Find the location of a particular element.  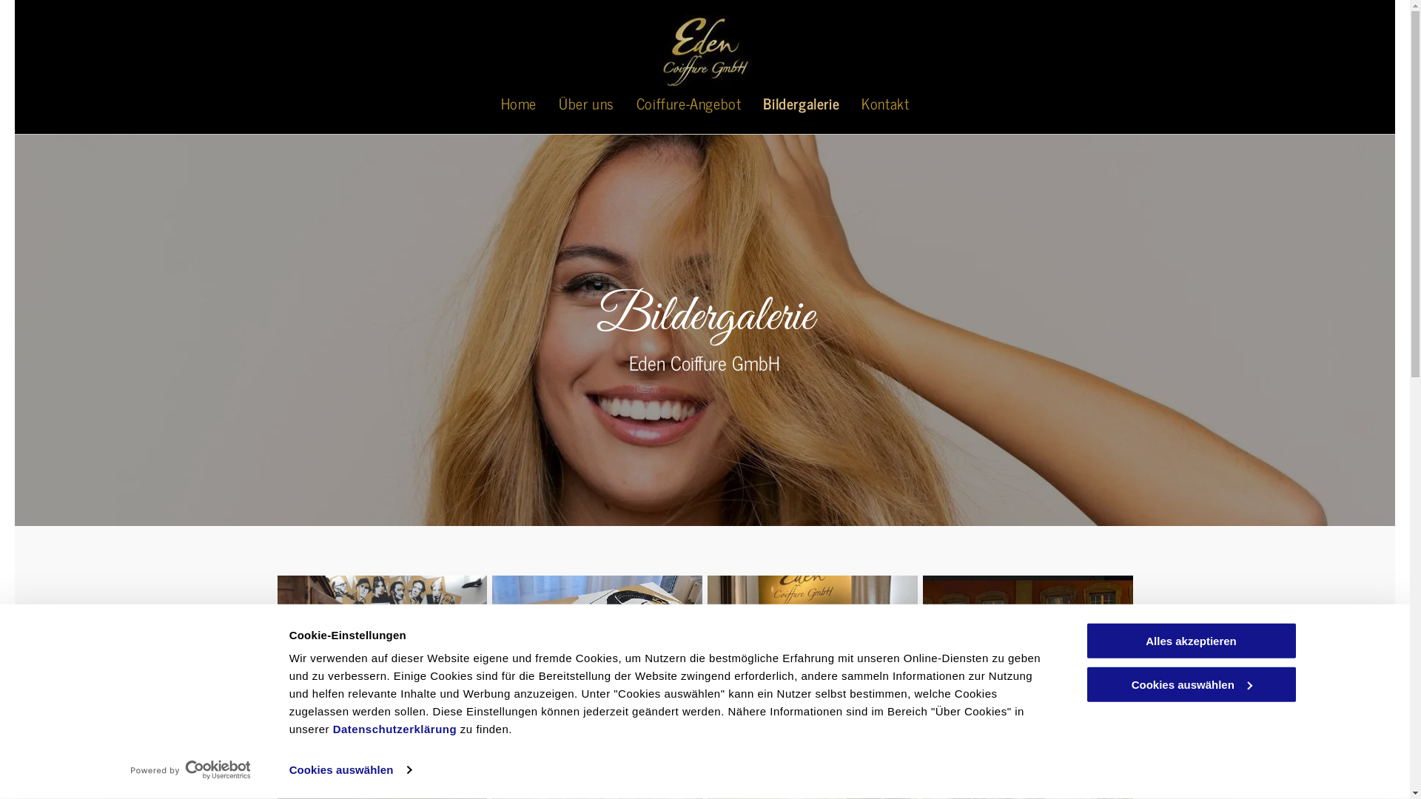

'Kontakt' is located at coordinates (884, 102).